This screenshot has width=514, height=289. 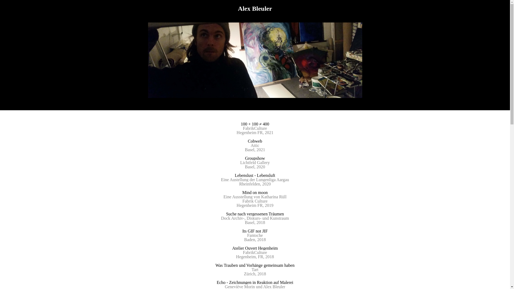 What do you see at coordinates (255, 175) in the screenshot?
I see `'Lebenslust - Lebensluft'` at bounding box center [255, 175].